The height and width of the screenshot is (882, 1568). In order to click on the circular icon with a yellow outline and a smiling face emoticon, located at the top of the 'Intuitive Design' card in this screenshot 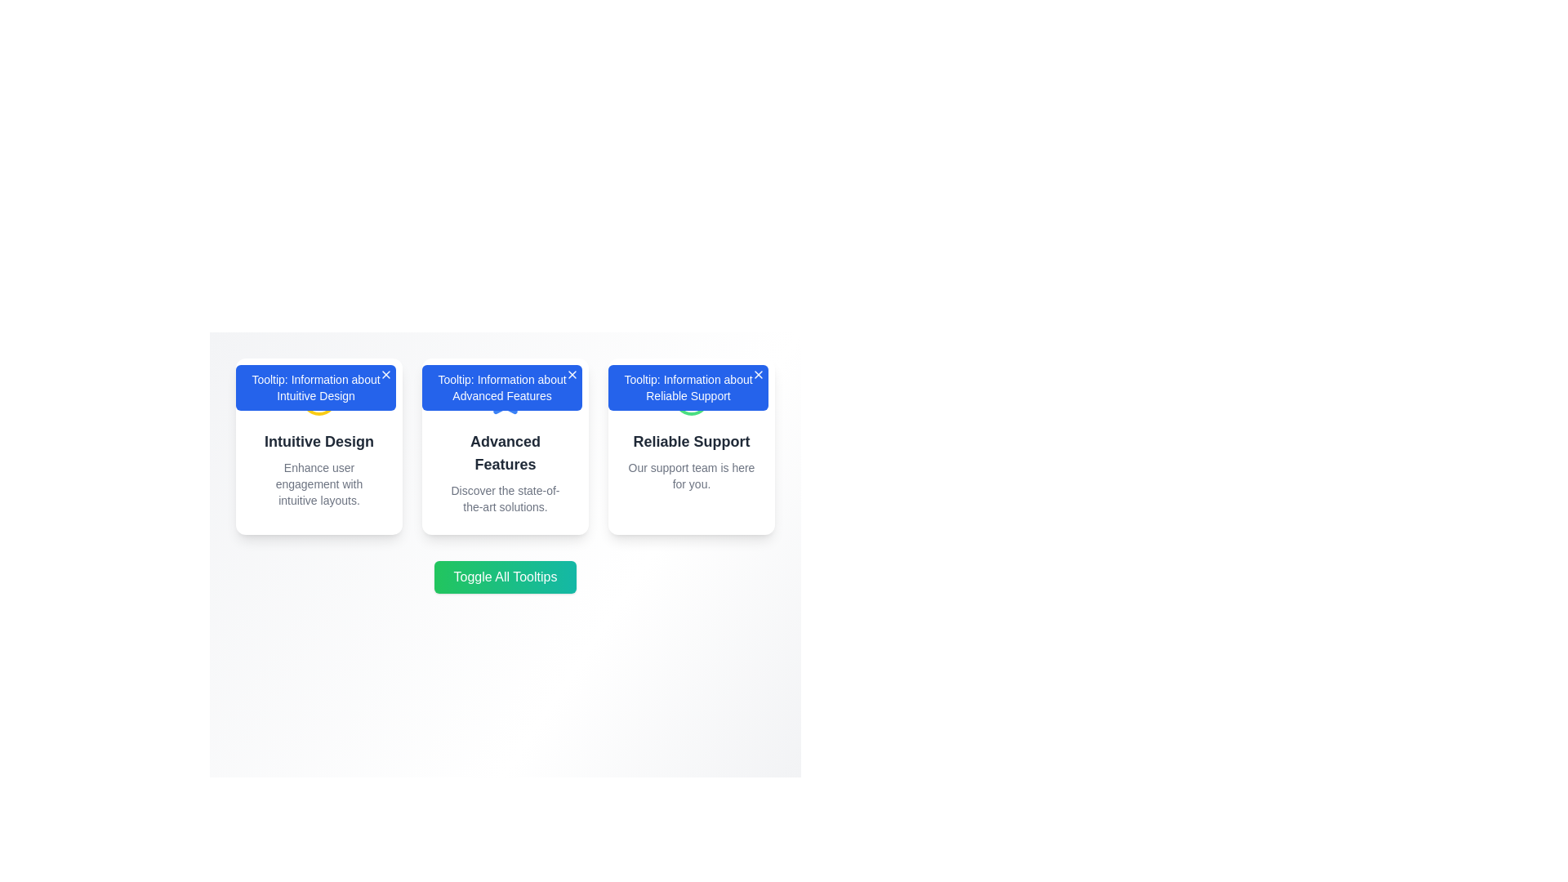, I will do `click(318, 397)`.